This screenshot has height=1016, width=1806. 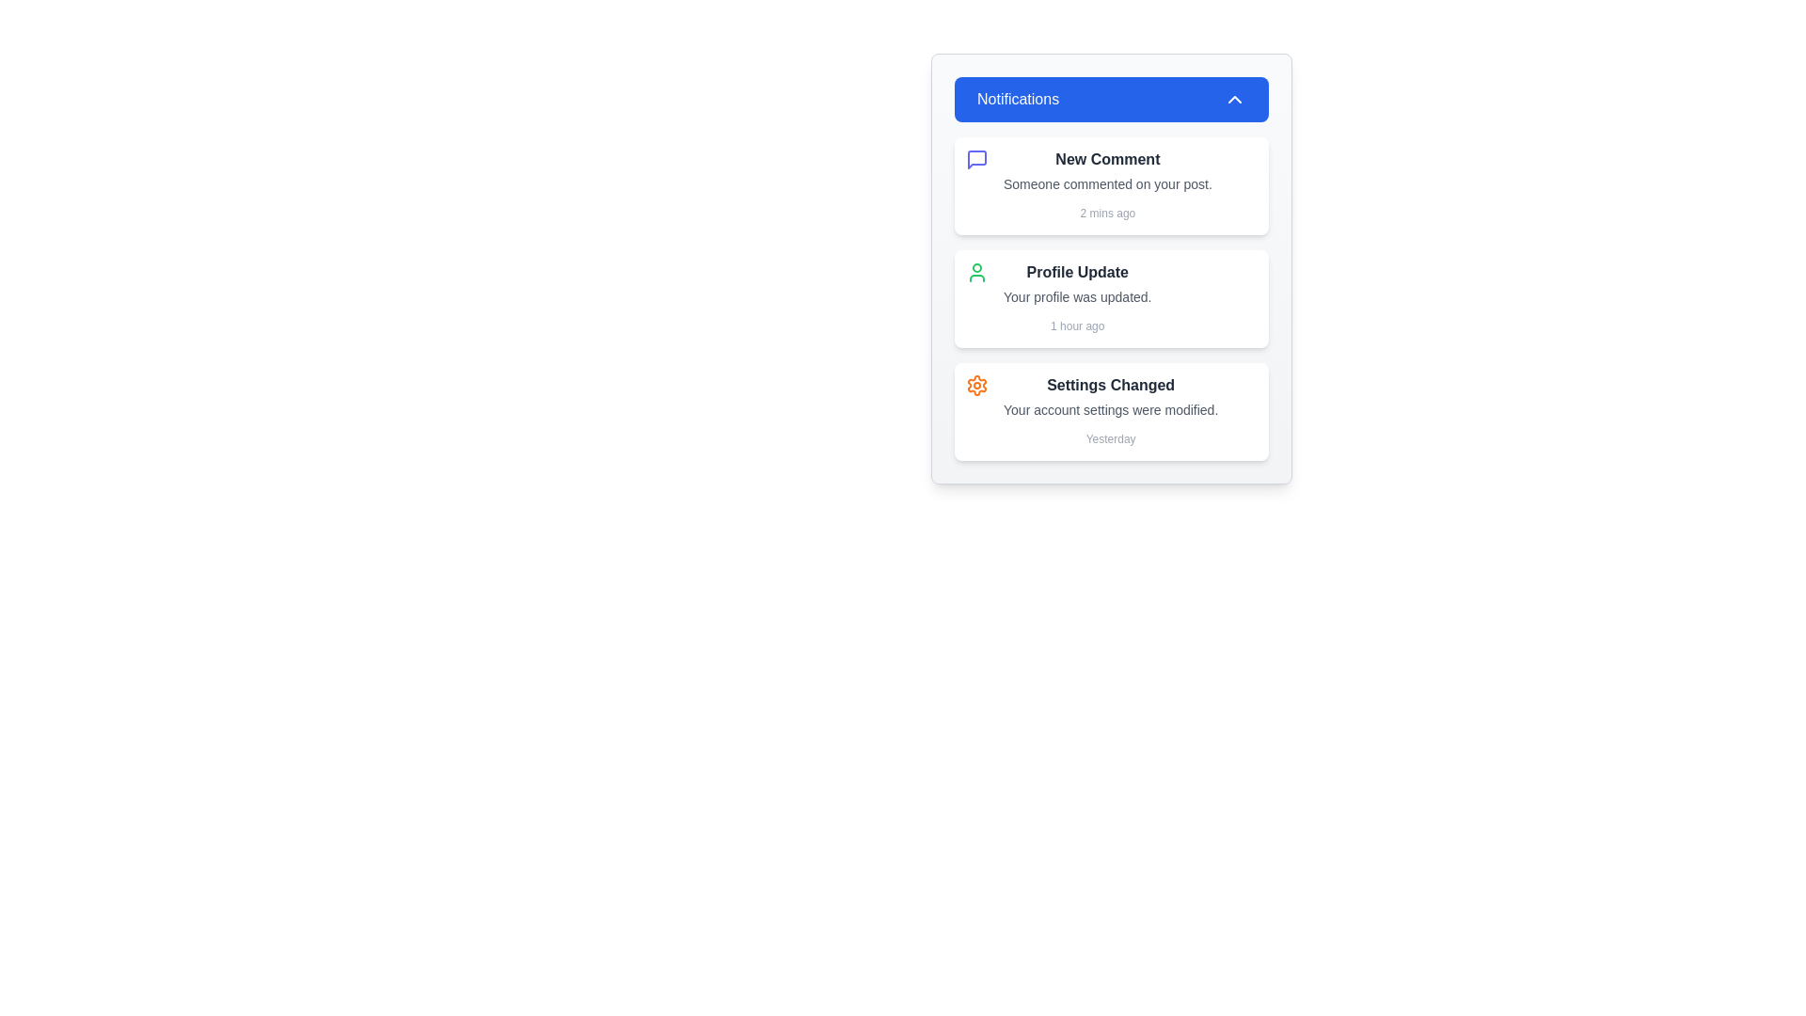 I want to click on the timestamp text label indicating when the 'Profile Update' notification occurred, which is positioned below 'Your profile was updated.', so click(x=1077, y=325).